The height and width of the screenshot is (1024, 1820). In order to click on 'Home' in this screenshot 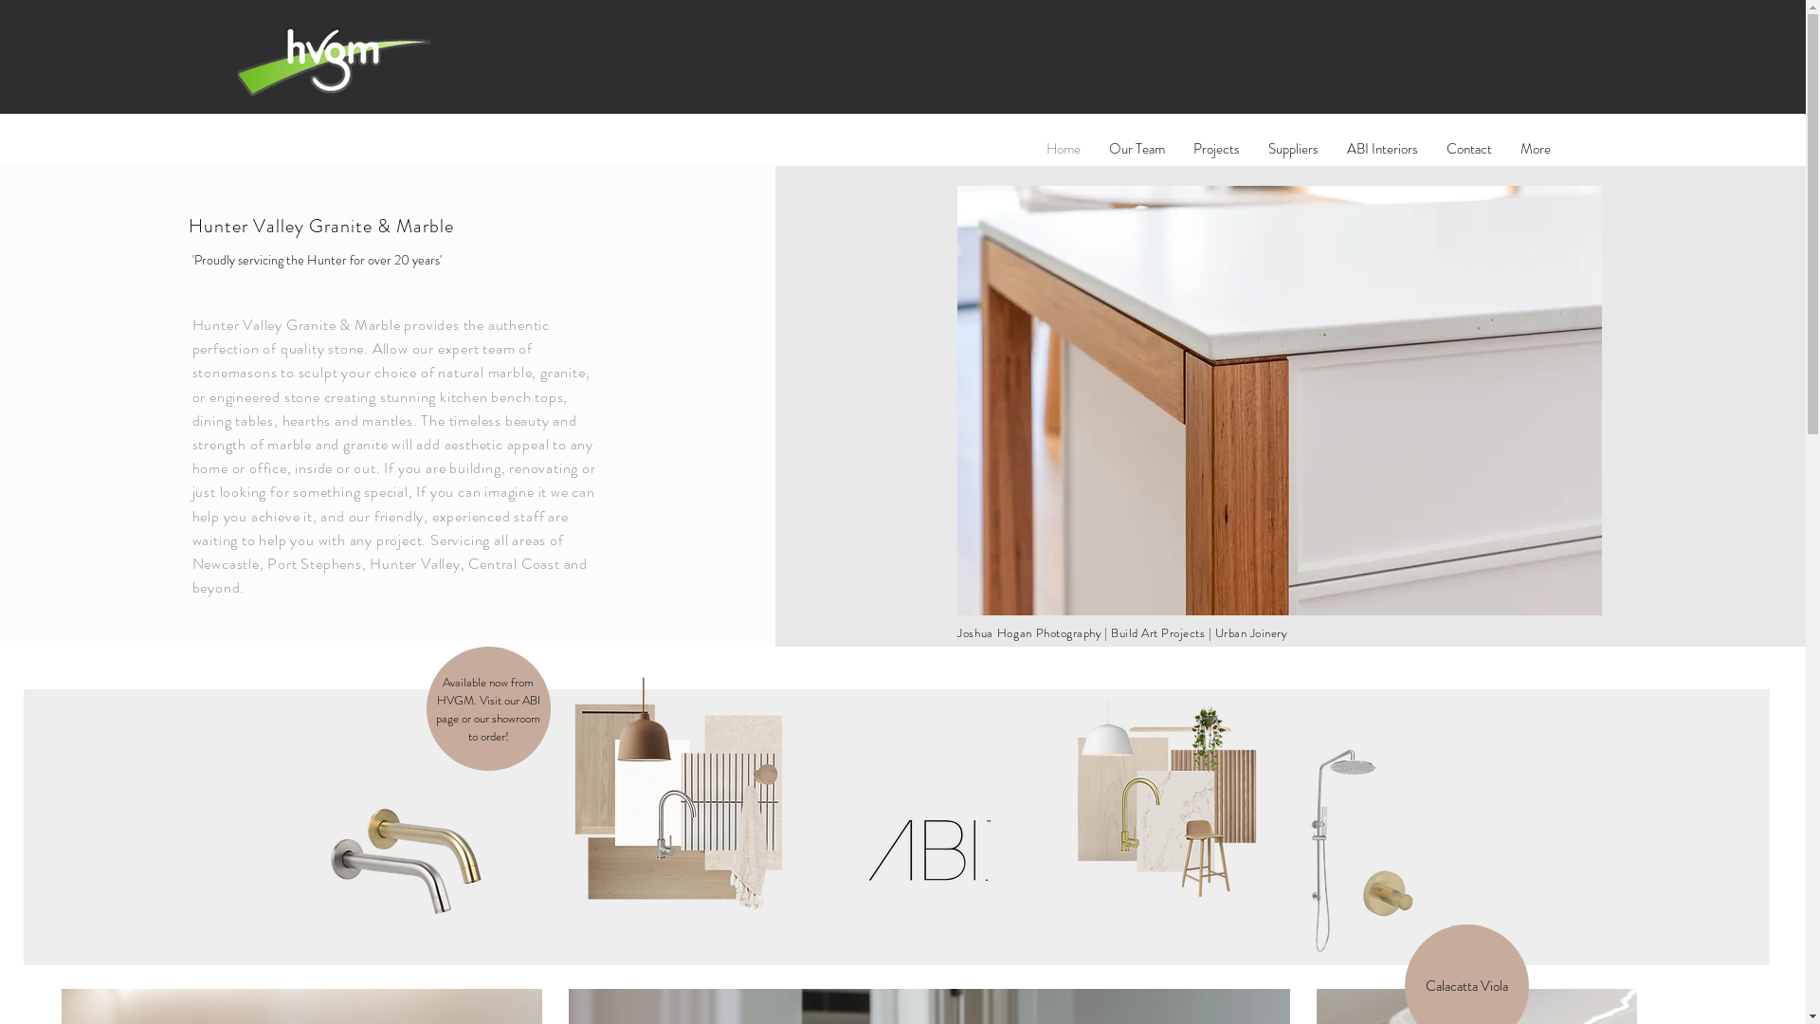, I will do `click(1063, 148)`.